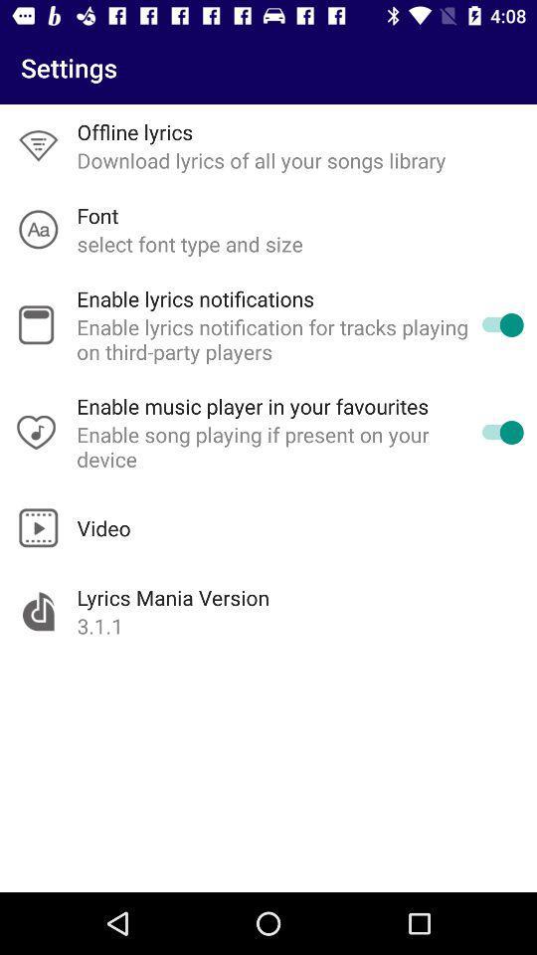  Describe the element at coordinates (173, 597) in the screenshot. I see `the lyrics mania version app` at that location.